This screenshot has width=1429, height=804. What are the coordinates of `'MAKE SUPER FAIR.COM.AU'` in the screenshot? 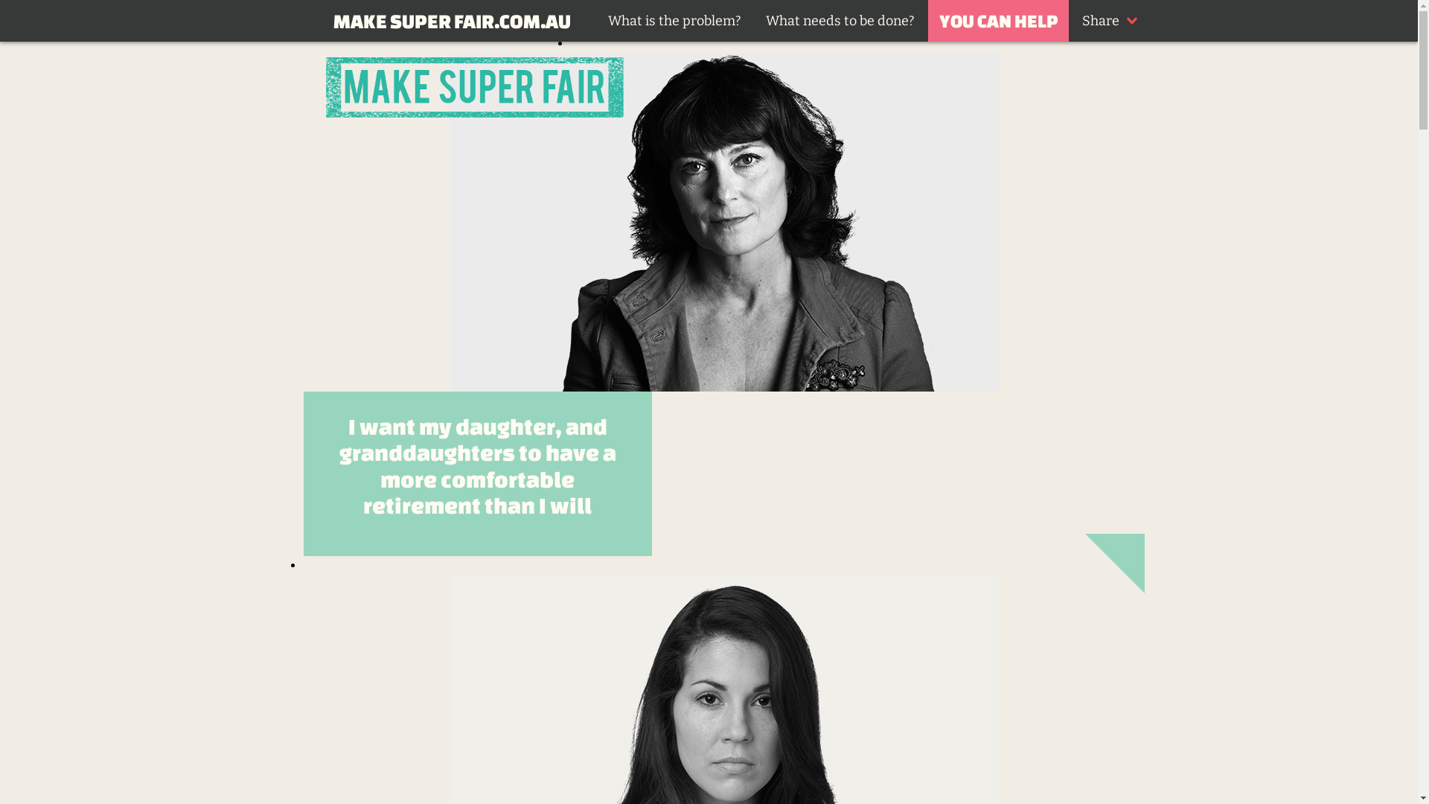 It's located at (451, 20).